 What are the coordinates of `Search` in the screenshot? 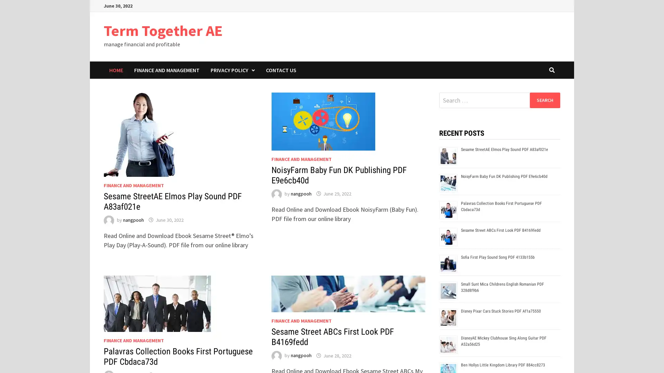 It's located at (544, 100).